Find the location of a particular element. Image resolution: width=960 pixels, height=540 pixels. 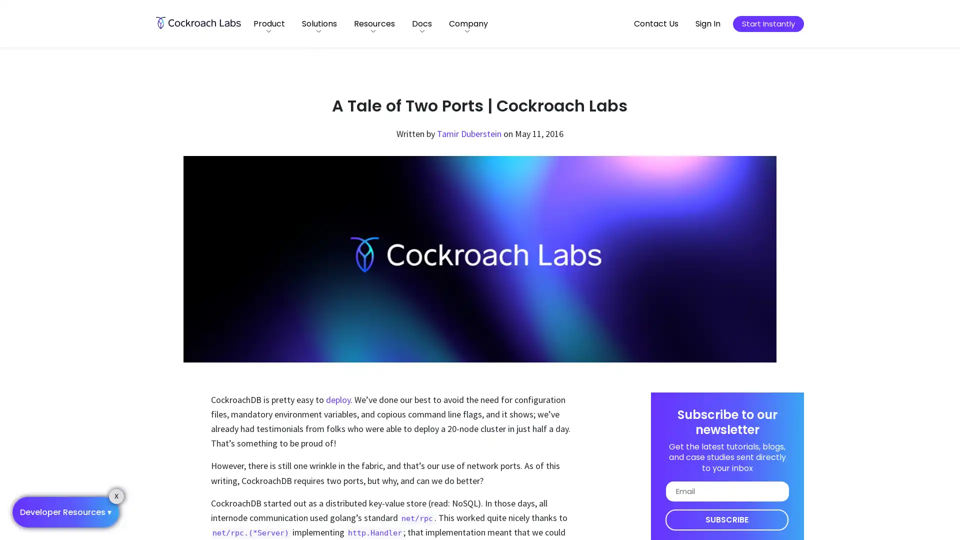

SUBSCRIBE is located at coordinates (726, 518).